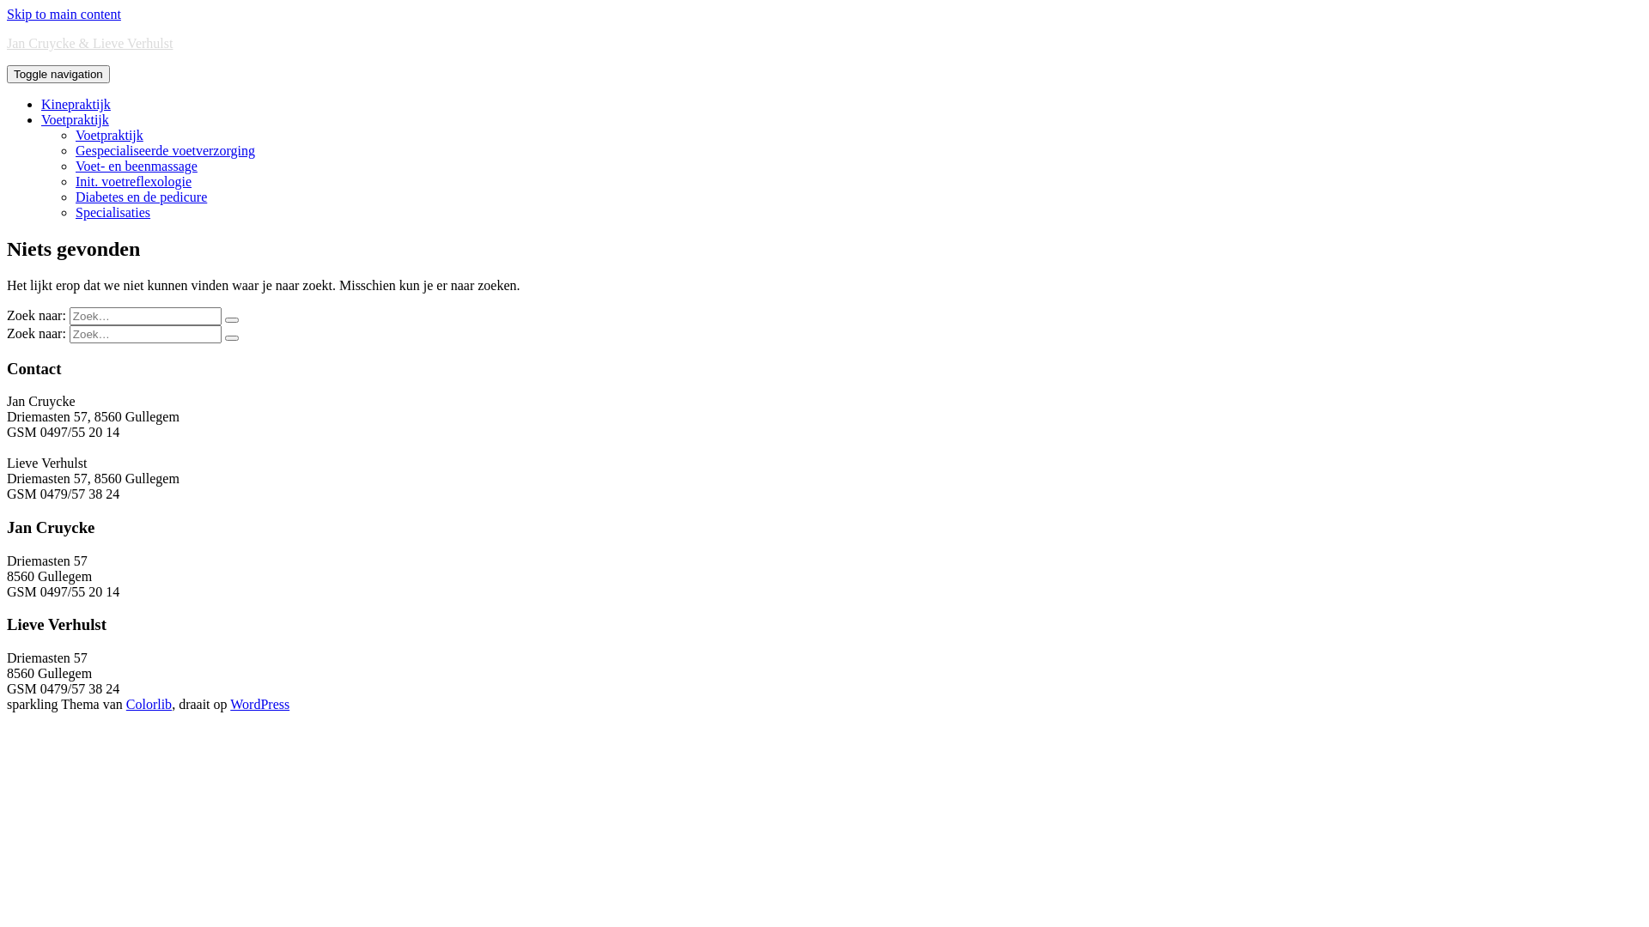 The width and height of the screenshot is (1649, 927). I want to click on 'Diabetes en de pedicure', so click(141, 196).